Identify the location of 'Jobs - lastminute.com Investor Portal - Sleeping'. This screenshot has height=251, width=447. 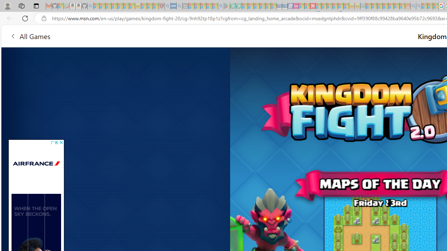
(296, 6).